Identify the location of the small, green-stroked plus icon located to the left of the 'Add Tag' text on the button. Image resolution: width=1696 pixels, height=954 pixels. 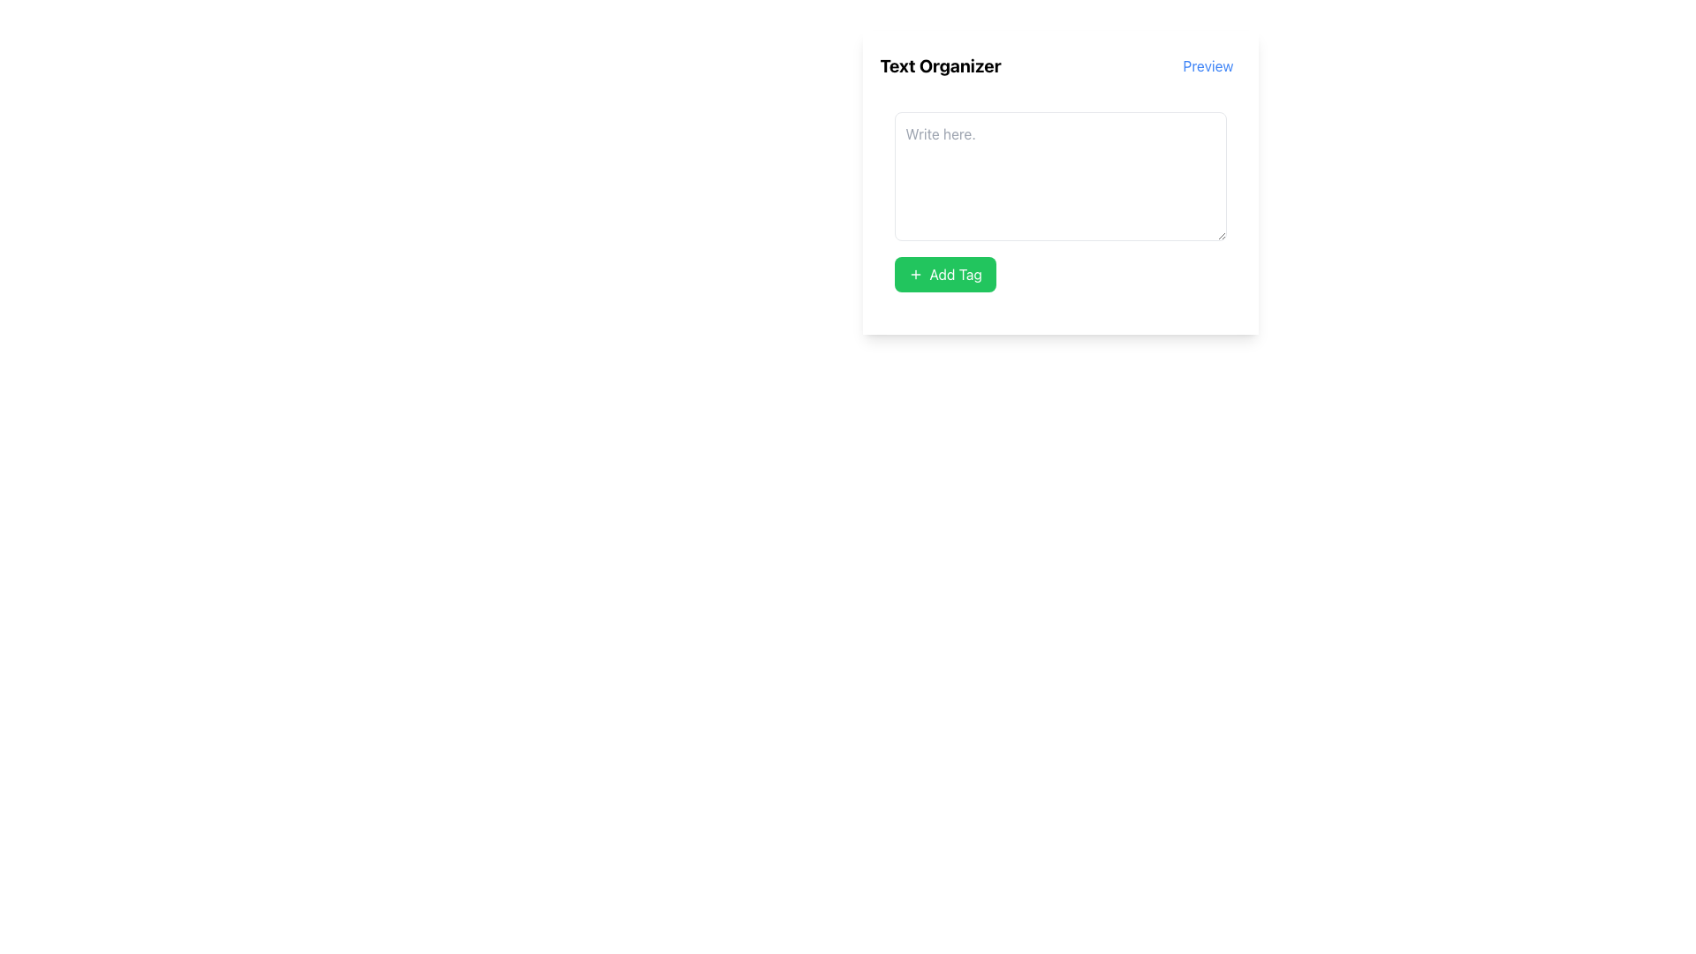
(915, 275).